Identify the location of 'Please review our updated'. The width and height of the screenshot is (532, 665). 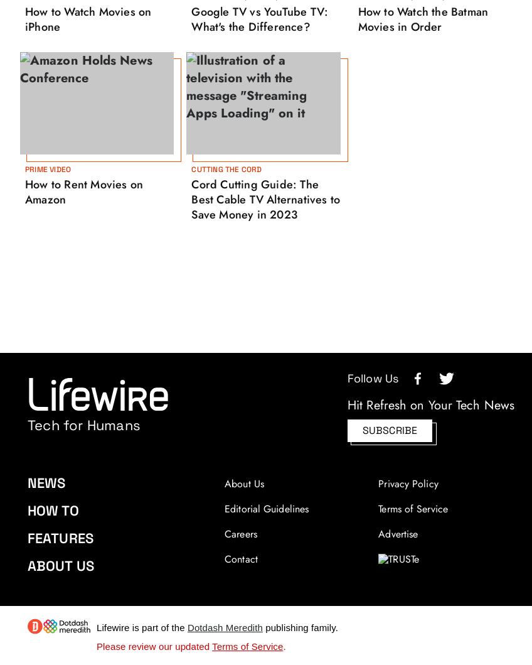
(154, 646).